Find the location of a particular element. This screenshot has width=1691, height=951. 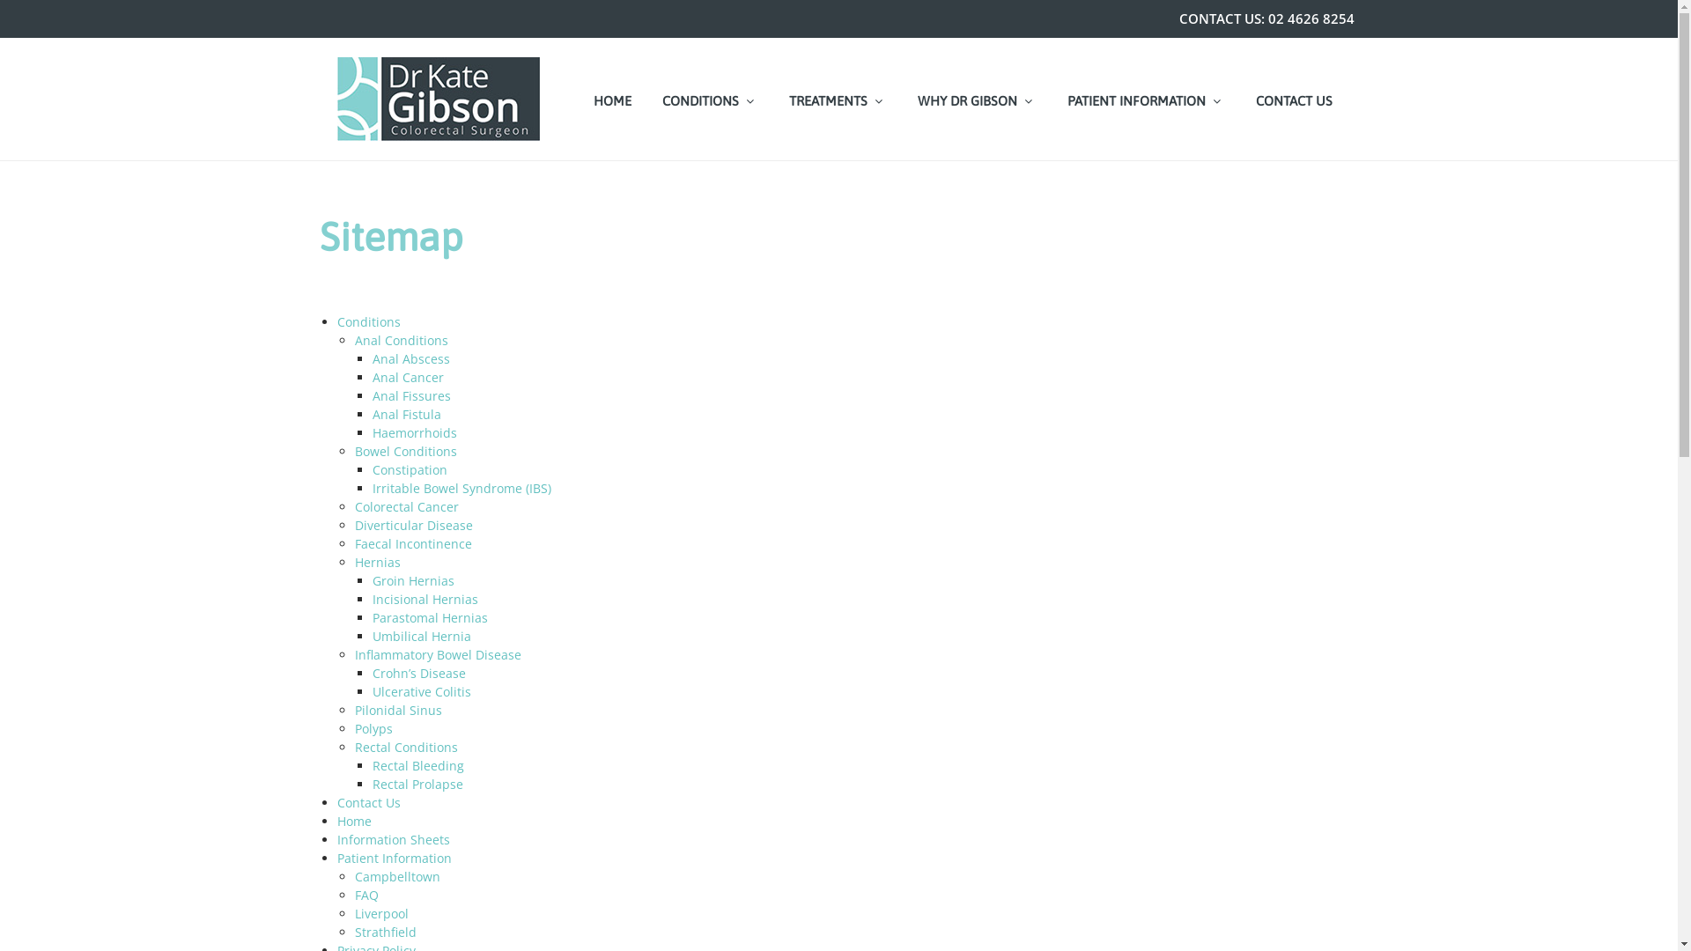

'Anal Fistula' is located at coordinates (404, 414).